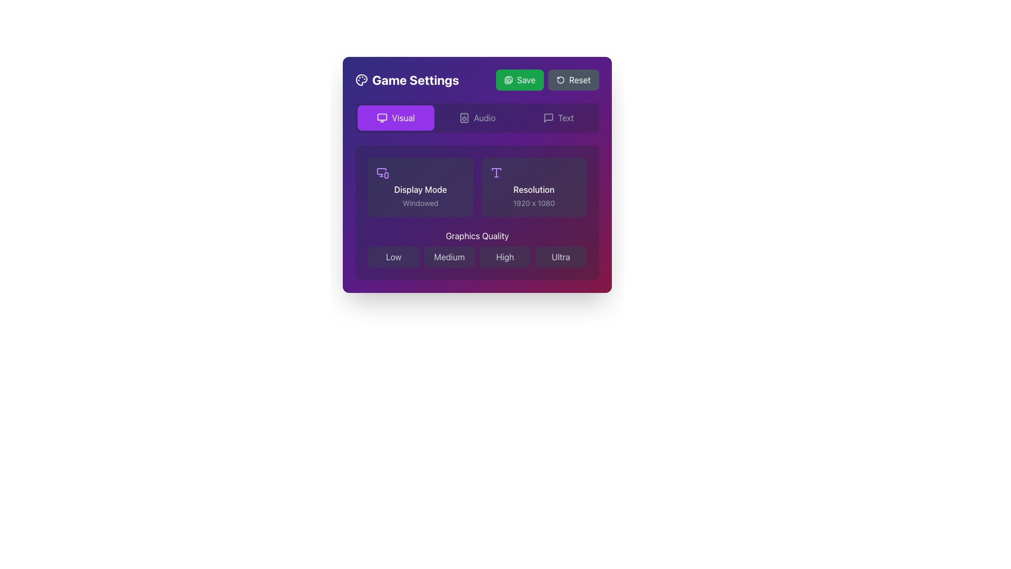 This screenshot has width=1011, height=569. Describe the element at coordinates (382, 117) in the screenshot. I see `the decorative icon representing the 'Visual' tab in the application settings interface, located at the top-left area, adjacent to the 'Visual' label` at that location.